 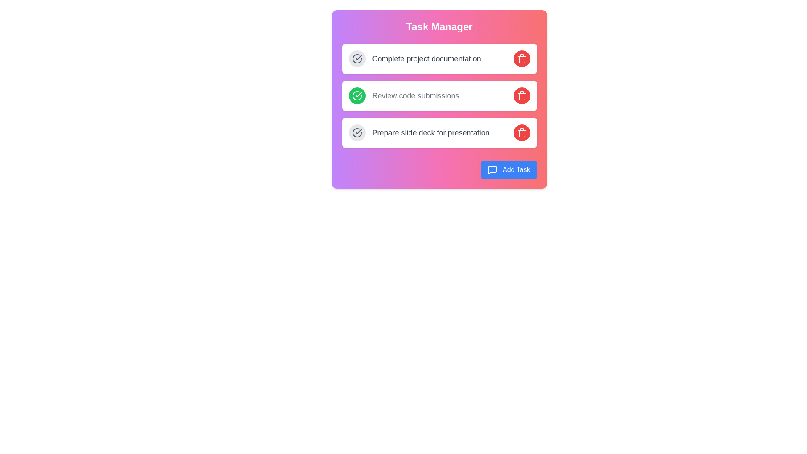 What do you see at coordinates (357, 95) in the screenshot?
I see `the leftmost segment of the circular check icon associated with the 'Review code submissions' task in the second task row of the Task Manager` at bounding box center [357, 95].